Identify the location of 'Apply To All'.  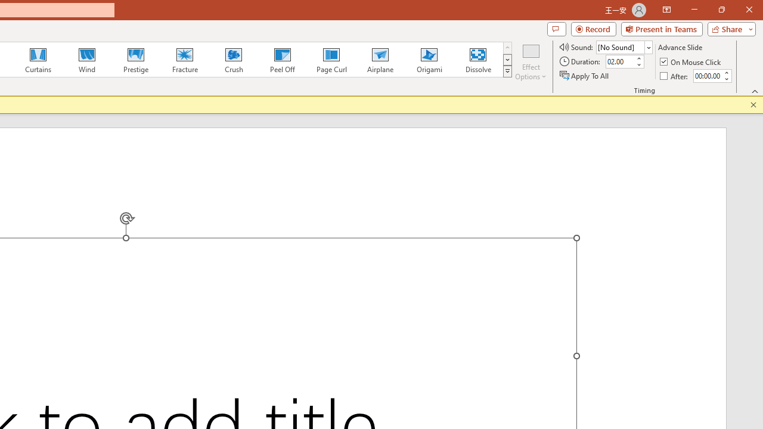
(585, 76).